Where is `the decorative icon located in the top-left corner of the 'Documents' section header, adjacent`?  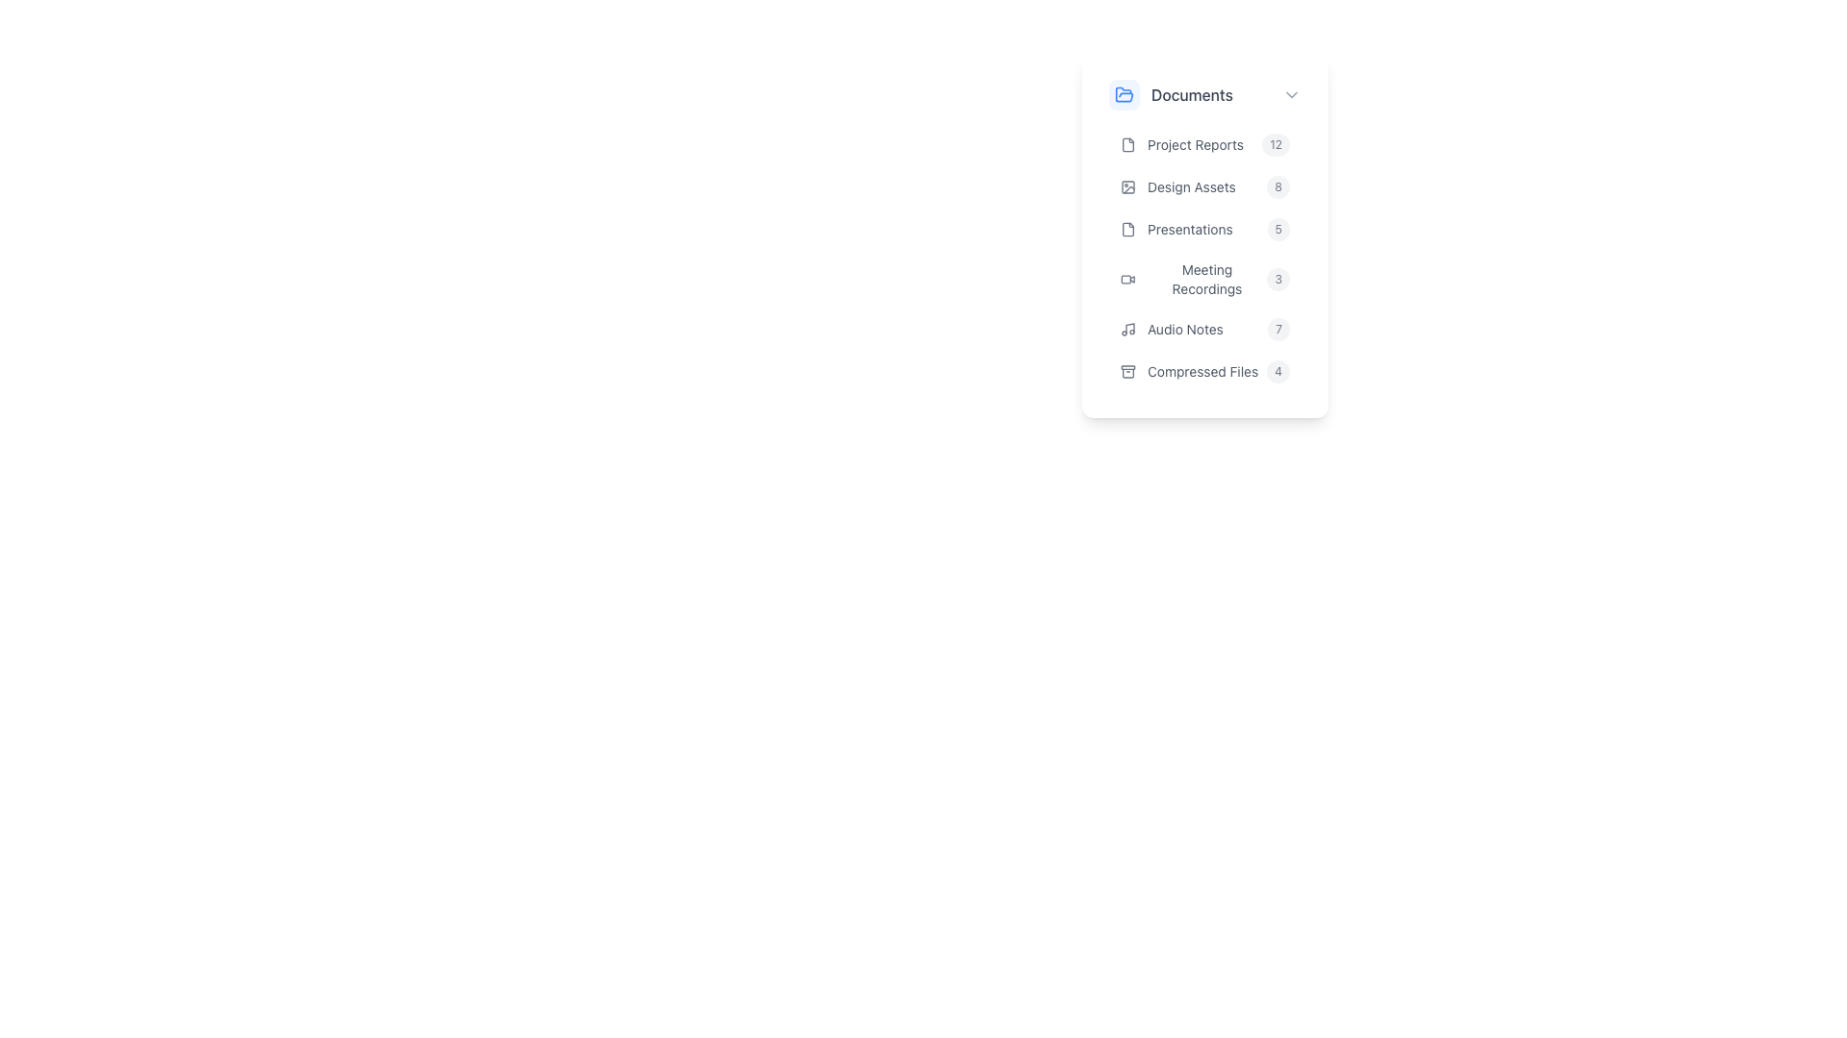
the decorative icon located in the top-left corner of the 'Documents' section header, adjacent is located at coordinates (1125, 95).